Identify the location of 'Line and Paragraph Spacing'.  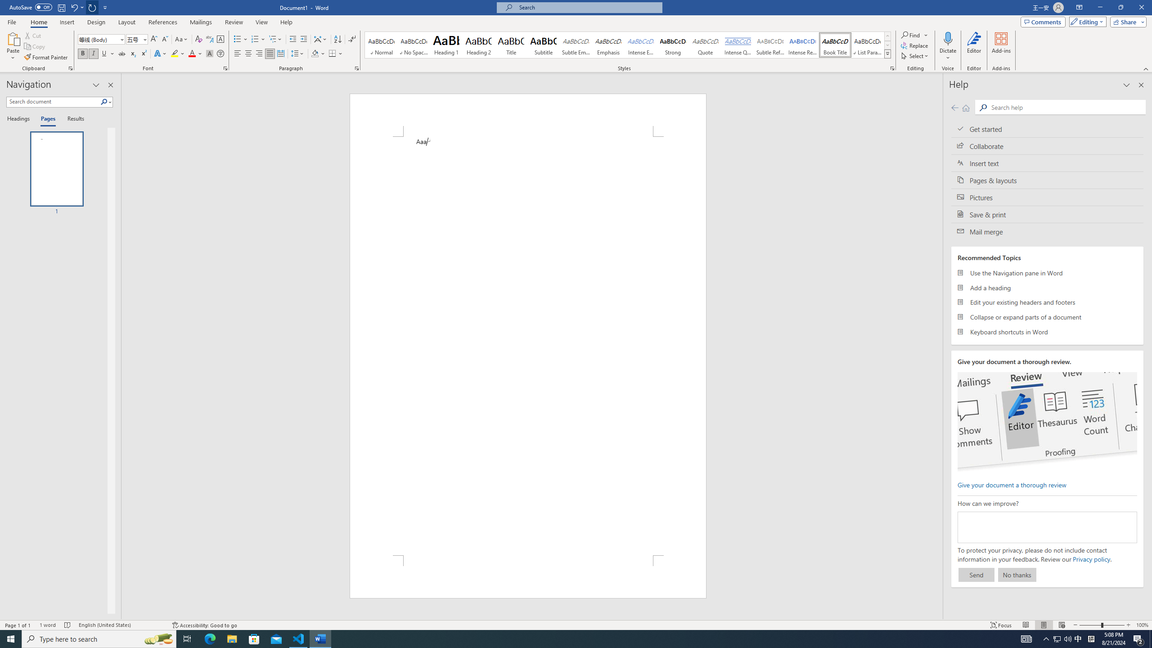
(298, 53).